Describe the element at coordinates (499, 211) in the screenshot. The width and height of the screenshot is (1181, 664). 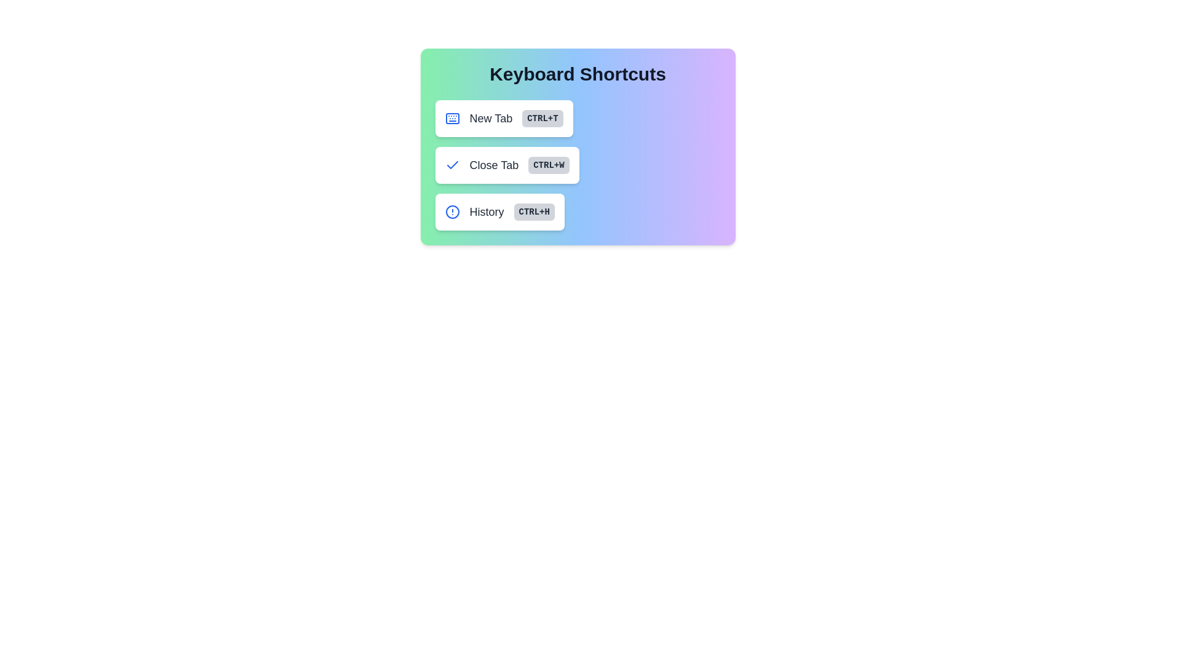
I see `the 'History' button element` at that location.